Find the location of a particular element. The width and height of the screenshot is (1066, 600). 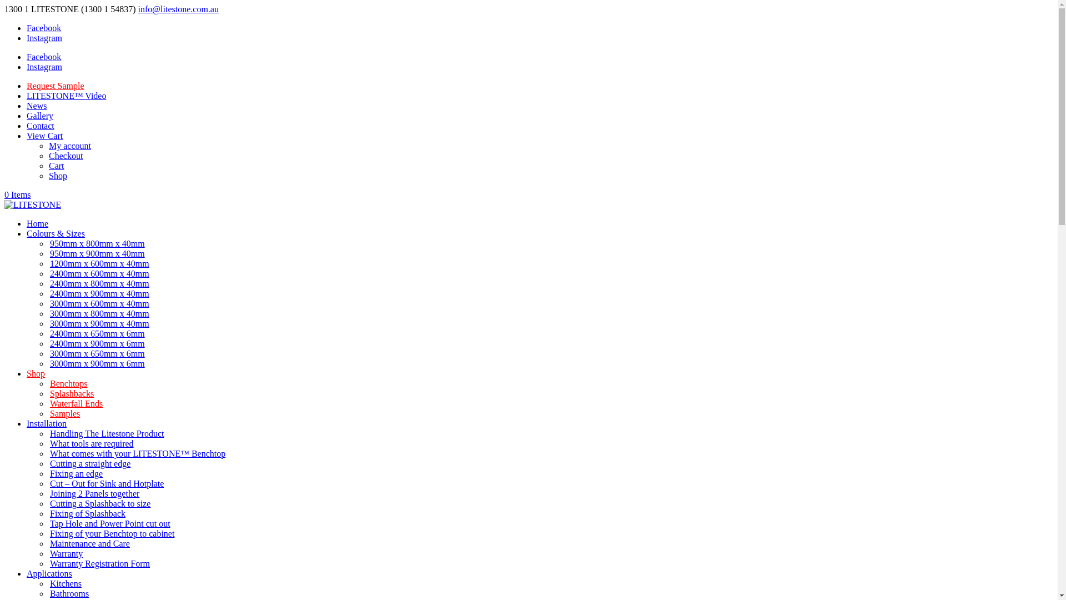

'Gallery' is located at coordinates (40, 116).